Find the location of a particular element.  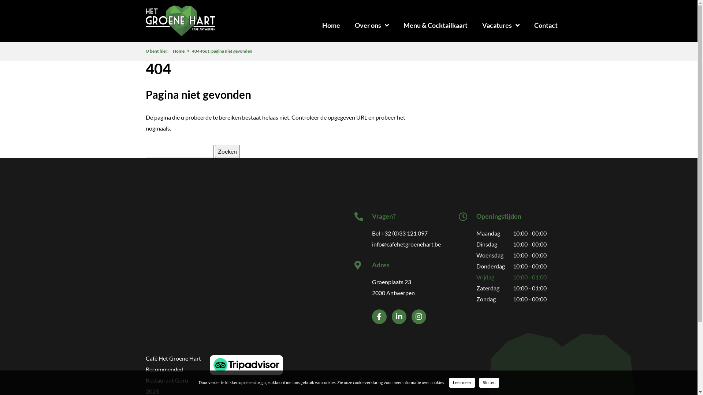

'+32 (0)33 121 097' is located at coordinates (381, 233).